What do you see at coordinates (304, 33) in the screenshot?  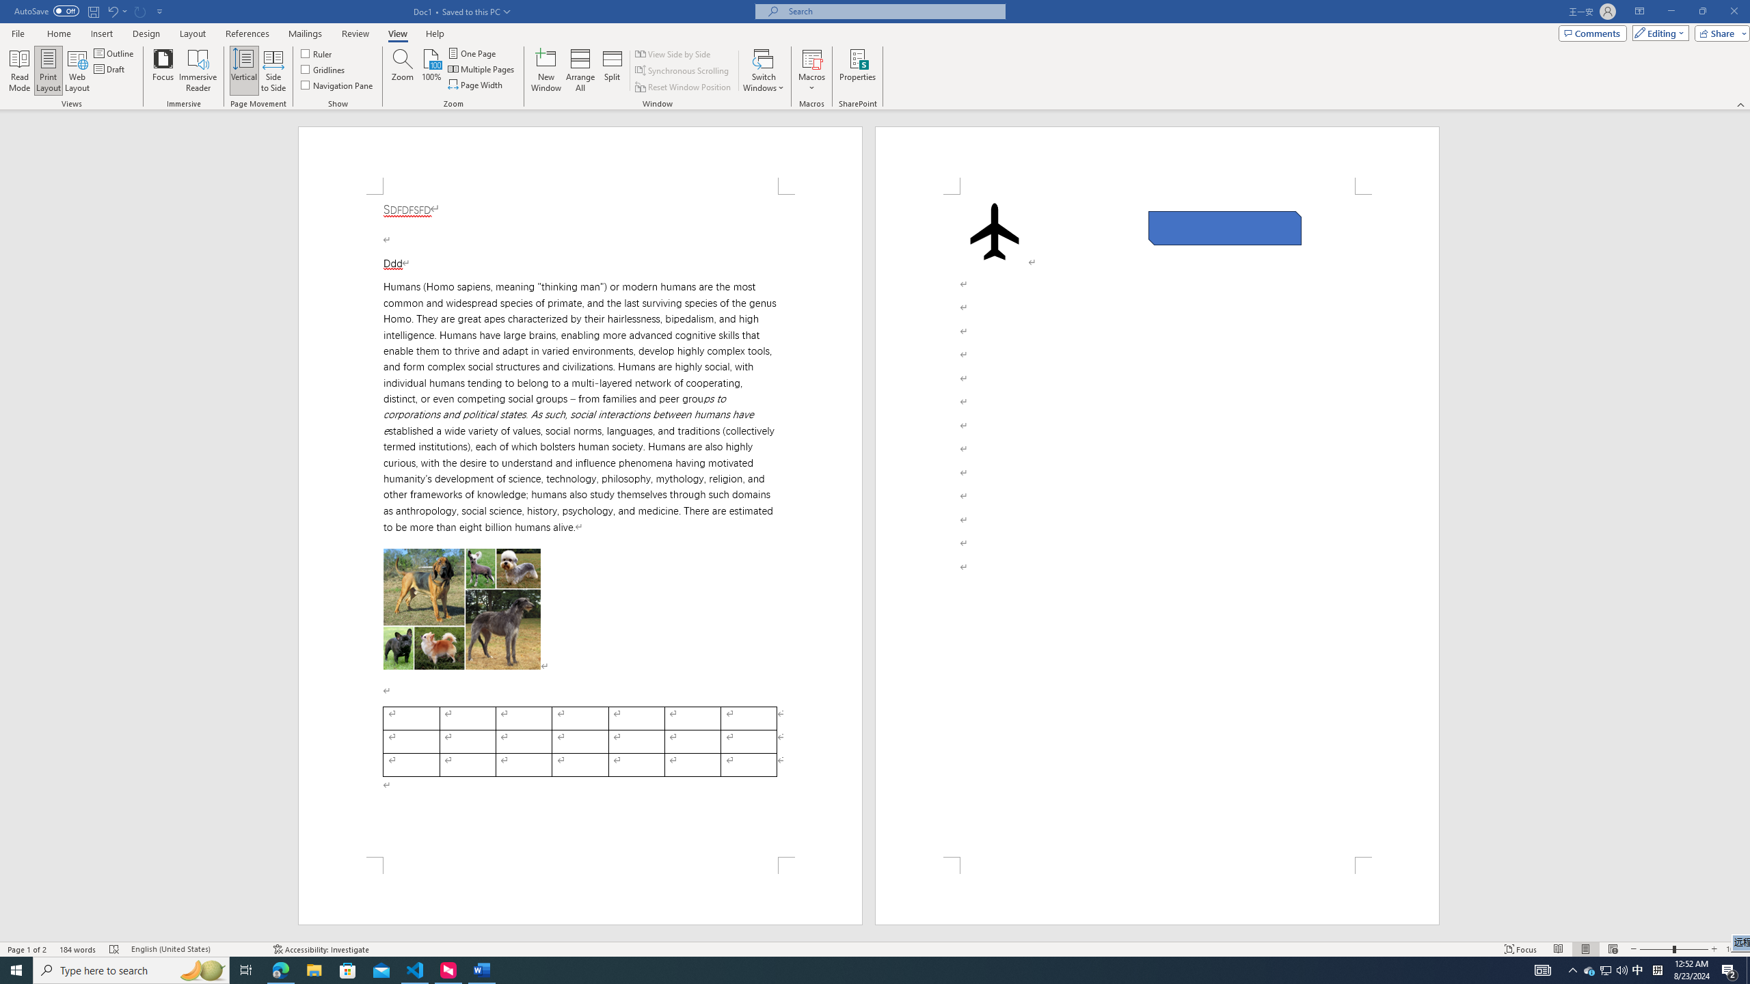 I see `'Mailings'` at bounding box center [304, 33].